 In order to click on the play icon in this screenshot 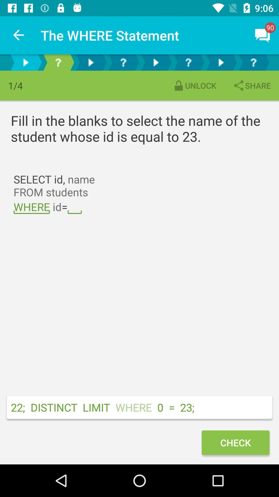, I will do `click(26, 62)`.